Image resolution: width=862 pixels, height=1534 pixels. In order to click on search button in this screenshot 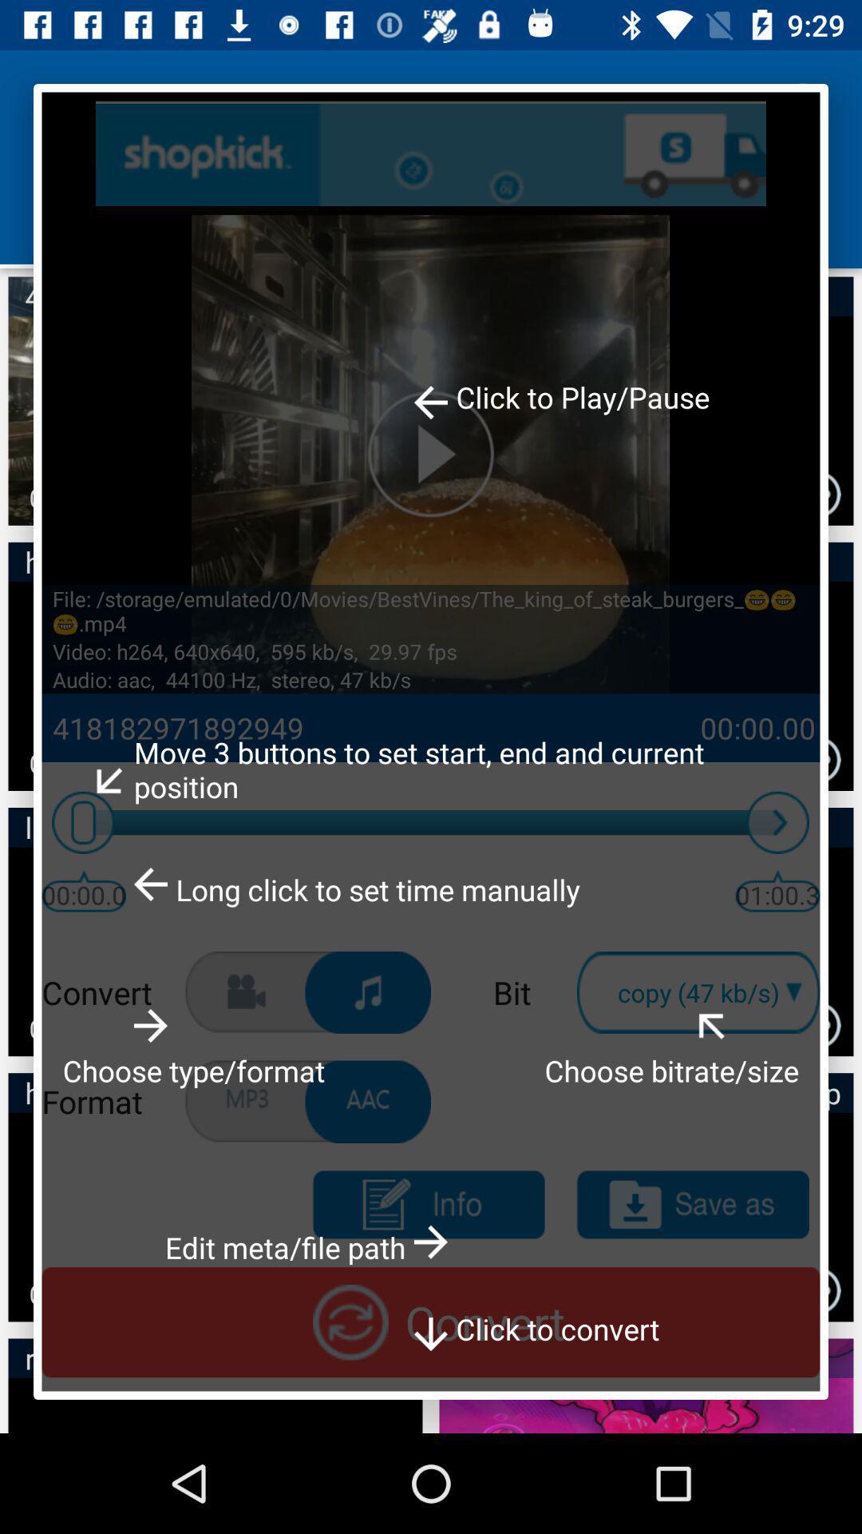, I will do `click(431, 153)`.